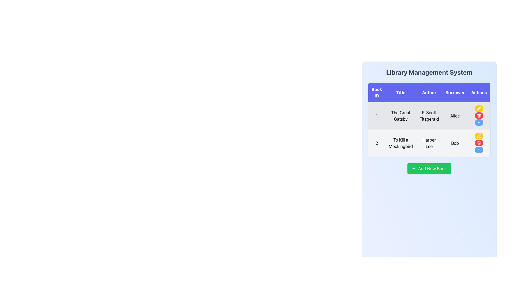 This screenshot has height=289, width=515. What do you see at coordinates (479, 123) in the screenshot?
I see `the dropdown trigger button located at the bottom right of the 'Actions' column for the first row in the book details table` at bounding box center [479, 123].